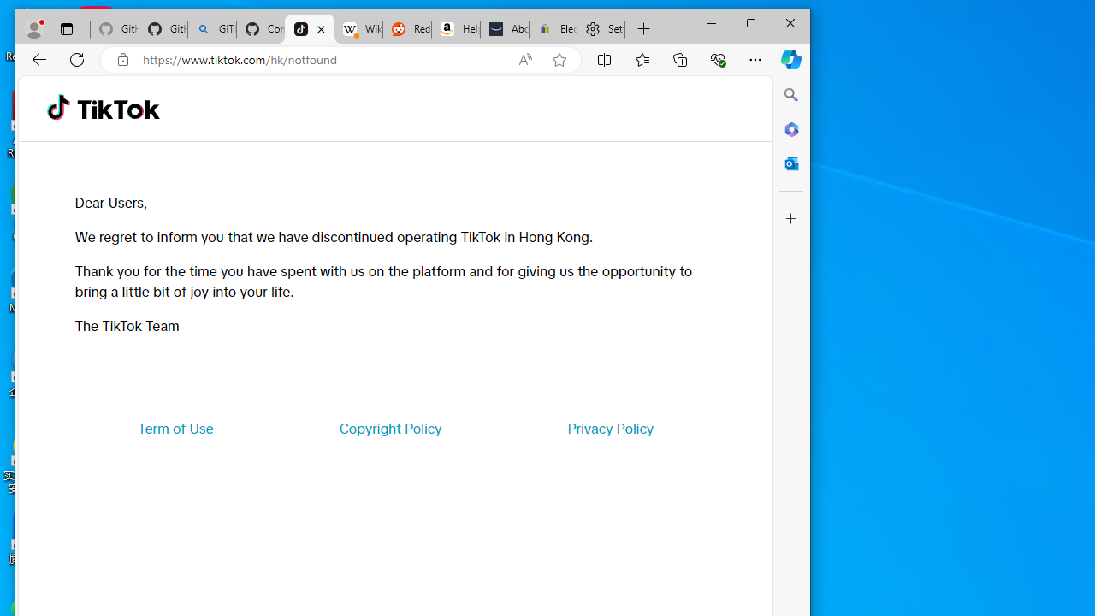 The image size is (1095, 616). What do you see at coordinates (610, 427) in the screenshot?
I see `'Privacy Policy'` at bounding box center [610, 427].